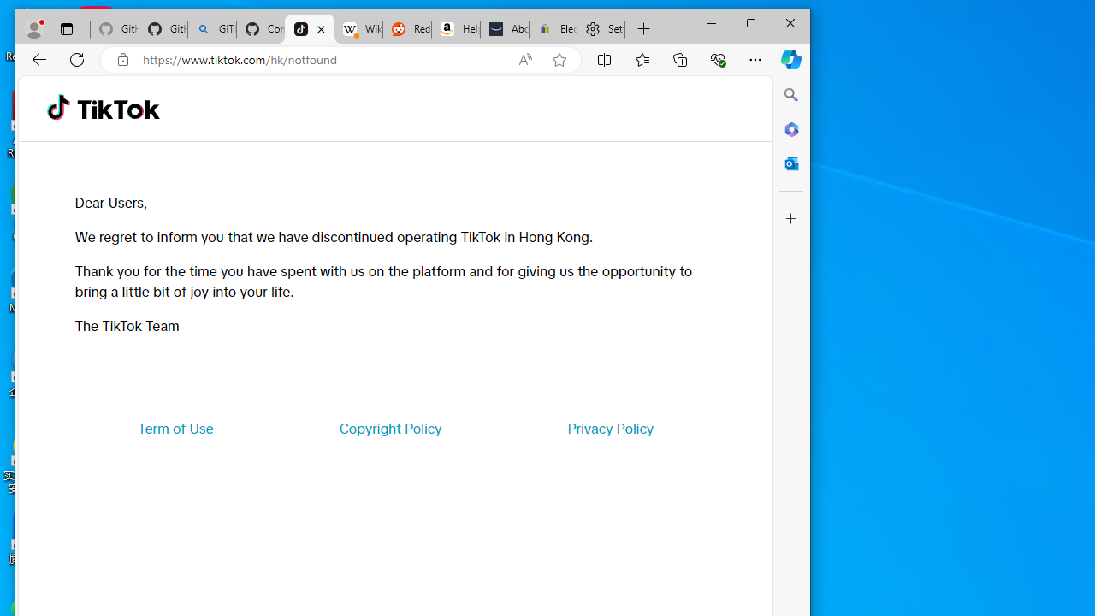 The image size is (1095, 616). What do you see at coordinates (610, 427) in the screenshot?
I see `'Privacy Policy'` at bounding box center [610, 427].